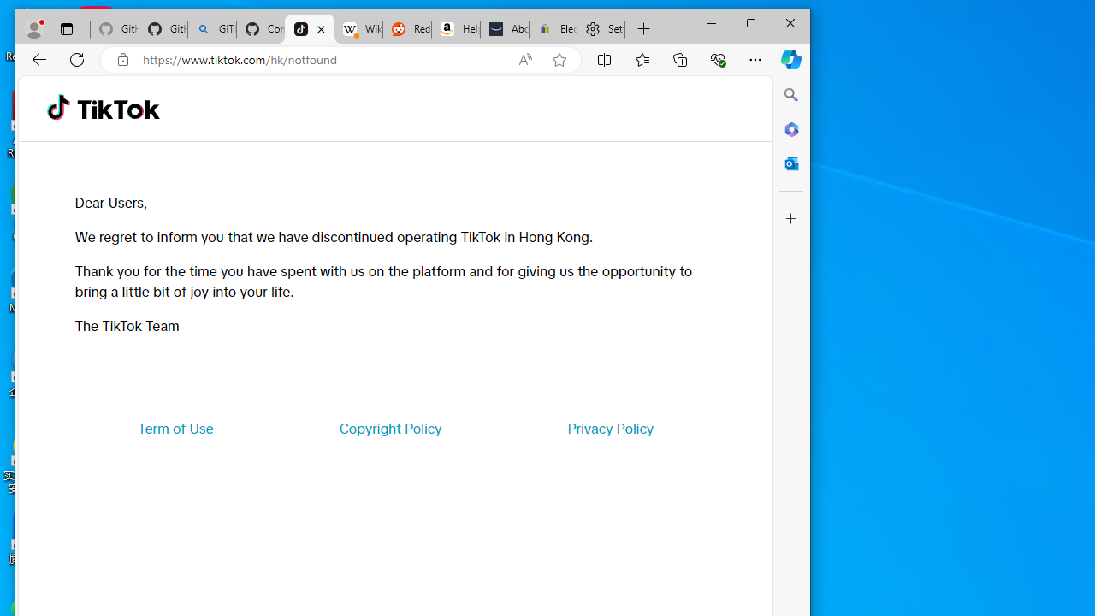 The image size is (1095, 616). What do you see at coordinates (610, 427) in the screenshot?
I see `'Privacy Policy'` at bounding box center [610, 427].